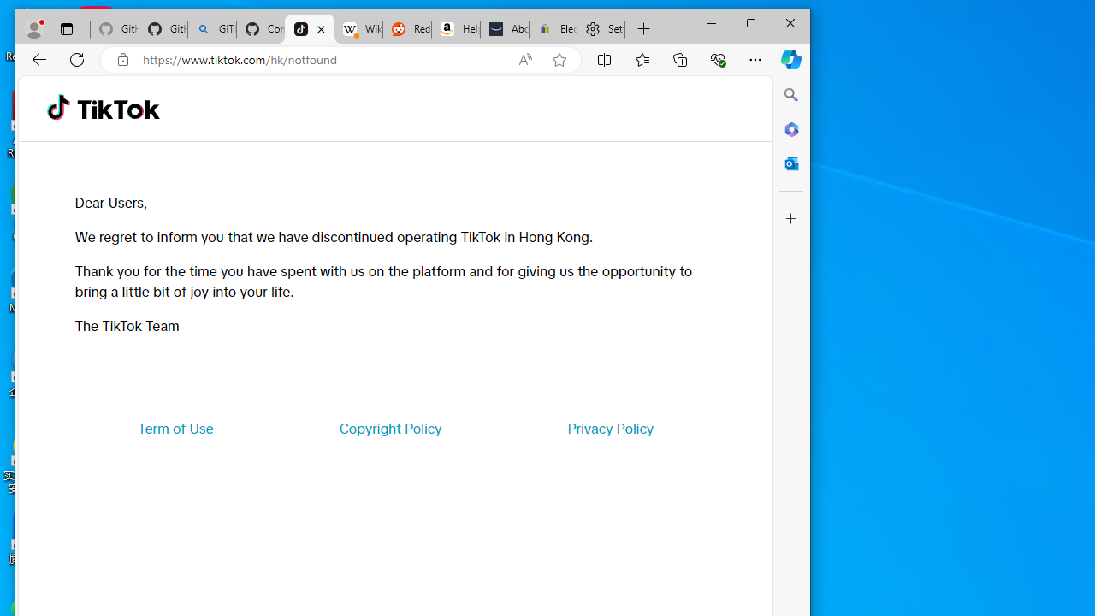 The image size is (1095, 616). What do you see at coordinates (610, 427) in the screenshot?
I see `'Privacy Policy'` at bounding box center [610, 427].